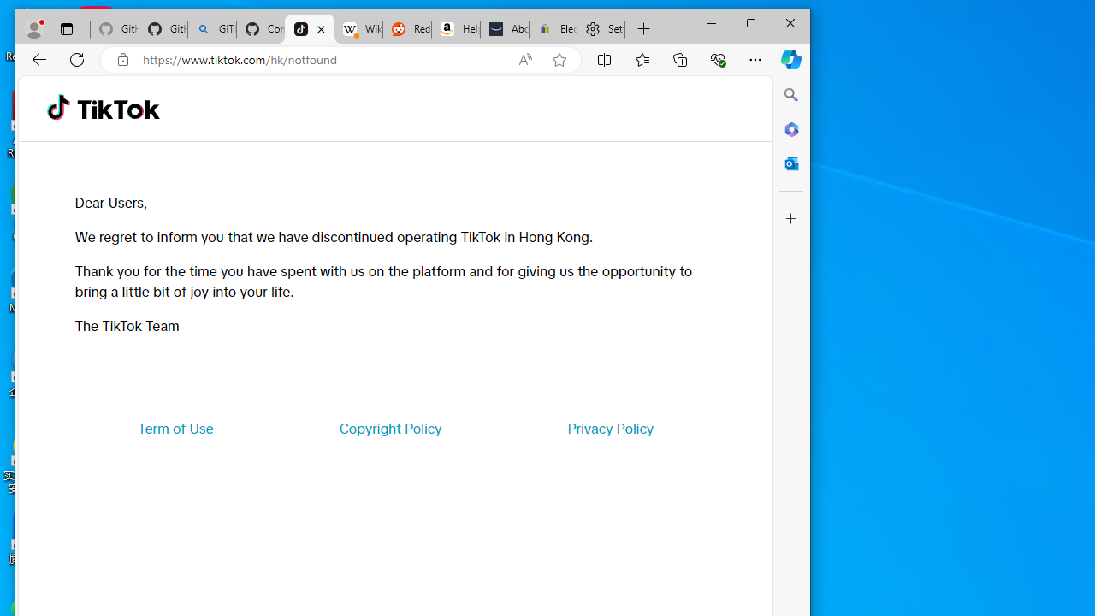 The image size is (1095, 616). What do you see at coordinates (610, 427) in the screenshot?
I see `'Privacy Policy'` at bounding box center [610, 427].